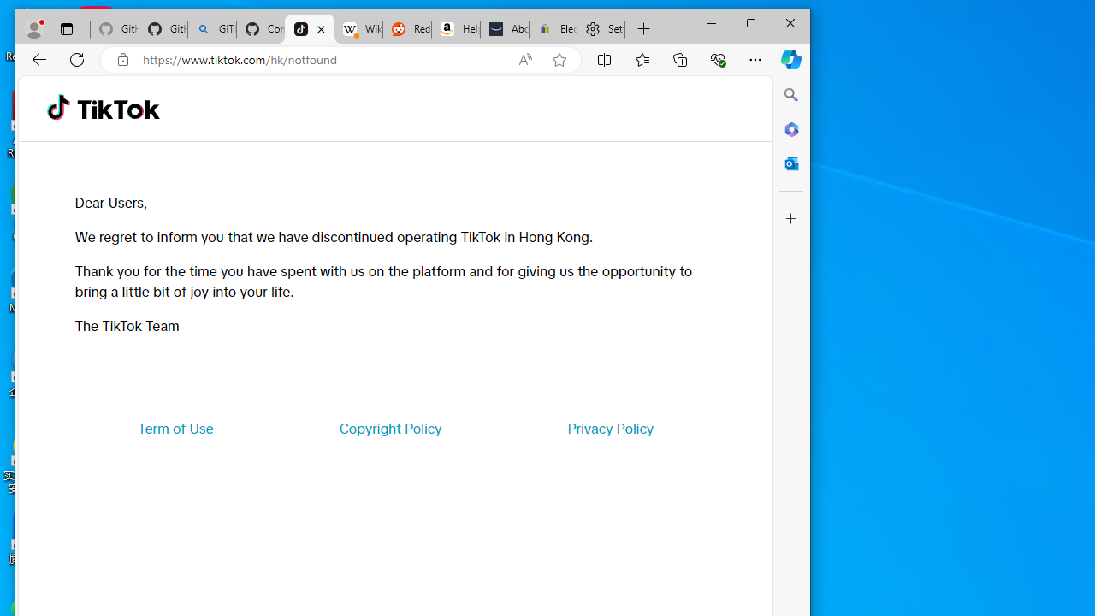 The image size is (1095, 616). What do you see at coordinates (610, 427) in the screenshot?
I see `'Privacy Policy'` at bounding box center [610, 427].